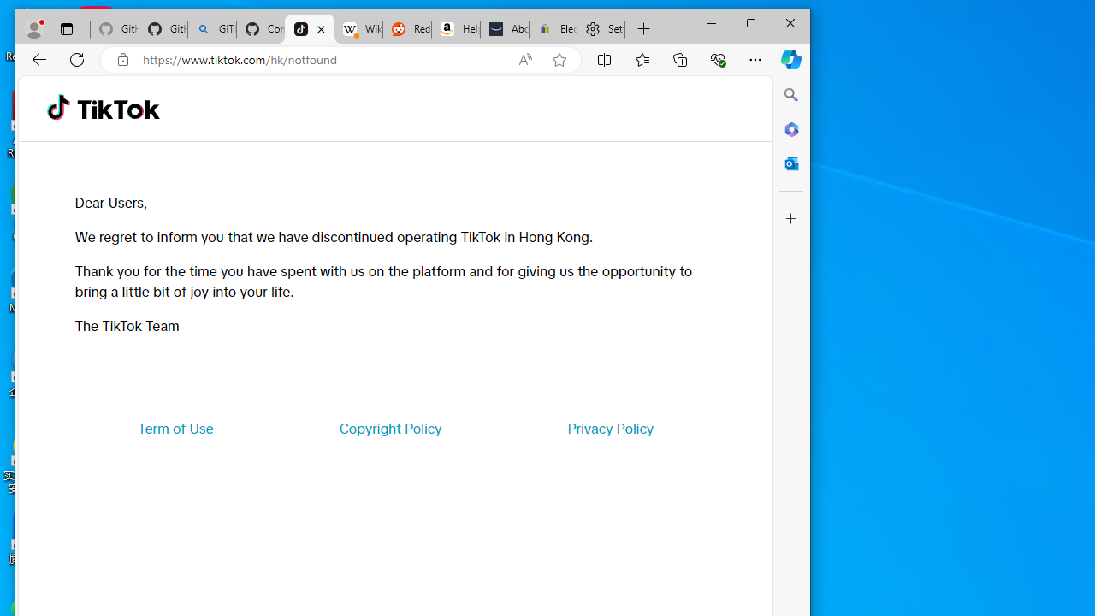 The image size is (1095, 616). What do you see at coordinates (610, 427) in the screenshot?
I see `'Privacy Policy'` at bounding box center [610, 427].